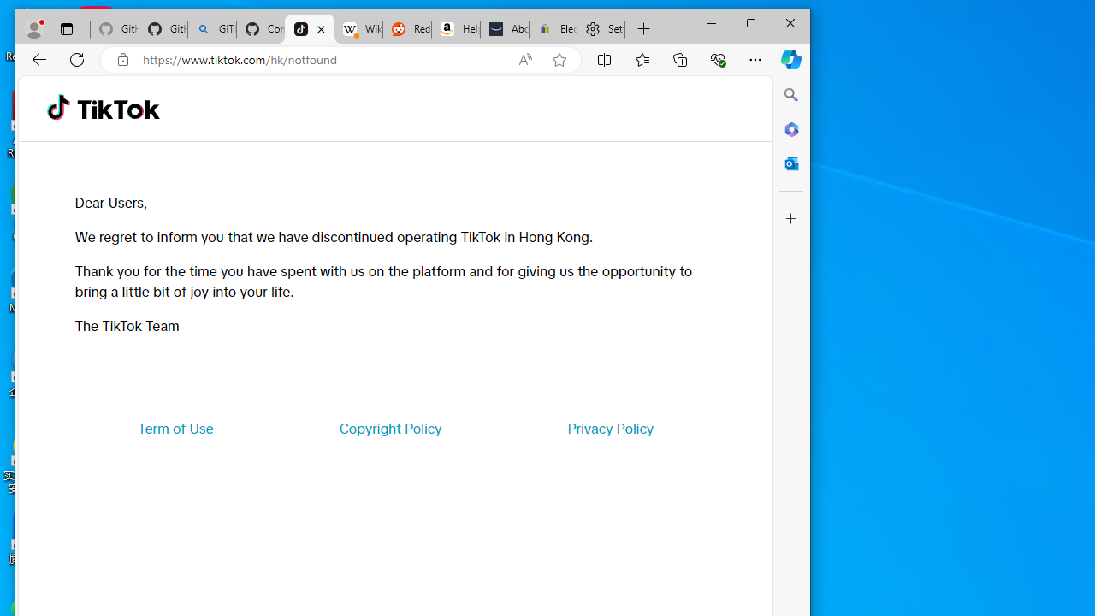 The image size is (1095, 616). What do you see at coordinates (610, 427) in the screenshot?
I see `'Privacy Policy'` at bounding box center [610, 427].